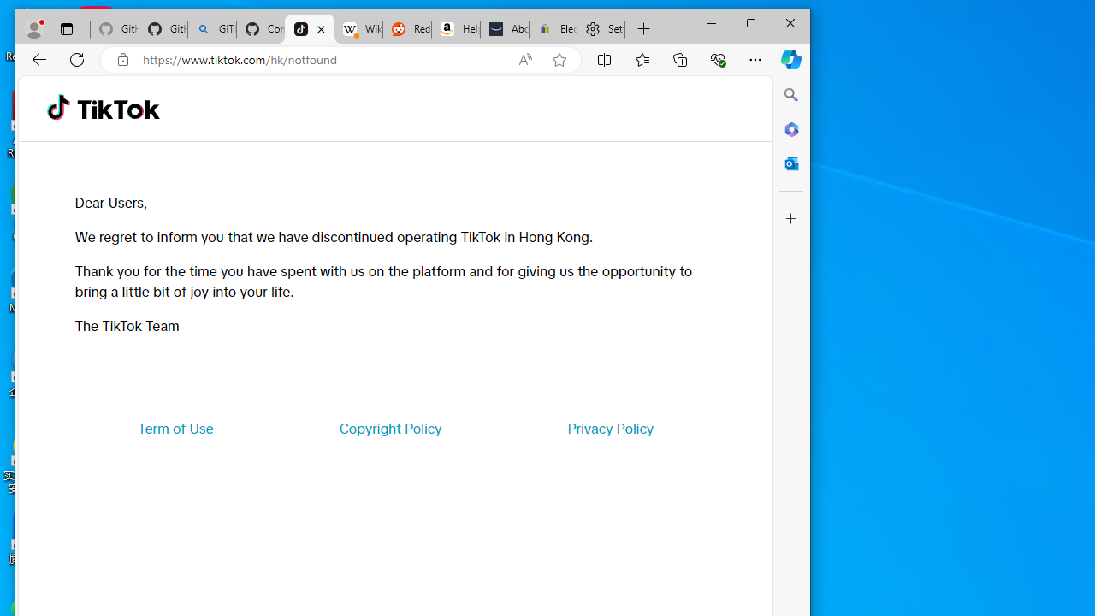 The image size is (1095, 616). What do you see at coordinates (610, 427) in the screenshot?
I see `'Privacy Policy'` at bounding box center [610, 427].